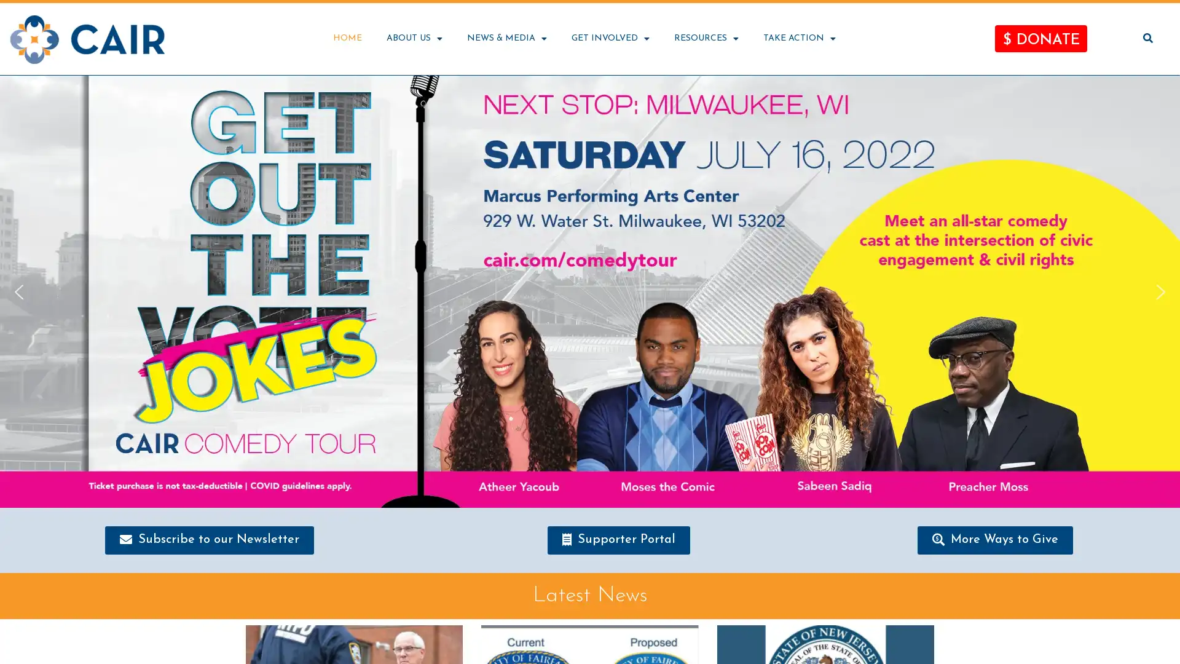 The height and width of the screenshot is (664, 1180). I want to click on previous arrow, so click(18, 291).